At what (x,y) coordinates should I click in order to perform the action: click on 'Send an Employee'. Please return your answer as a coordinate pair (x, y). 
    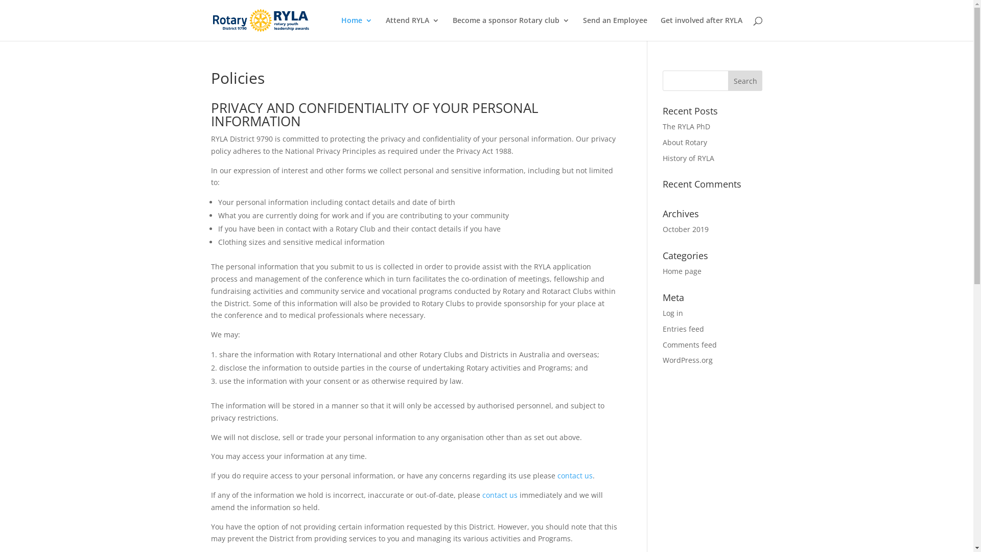
    Looking at the image, I should click on (614, 28).